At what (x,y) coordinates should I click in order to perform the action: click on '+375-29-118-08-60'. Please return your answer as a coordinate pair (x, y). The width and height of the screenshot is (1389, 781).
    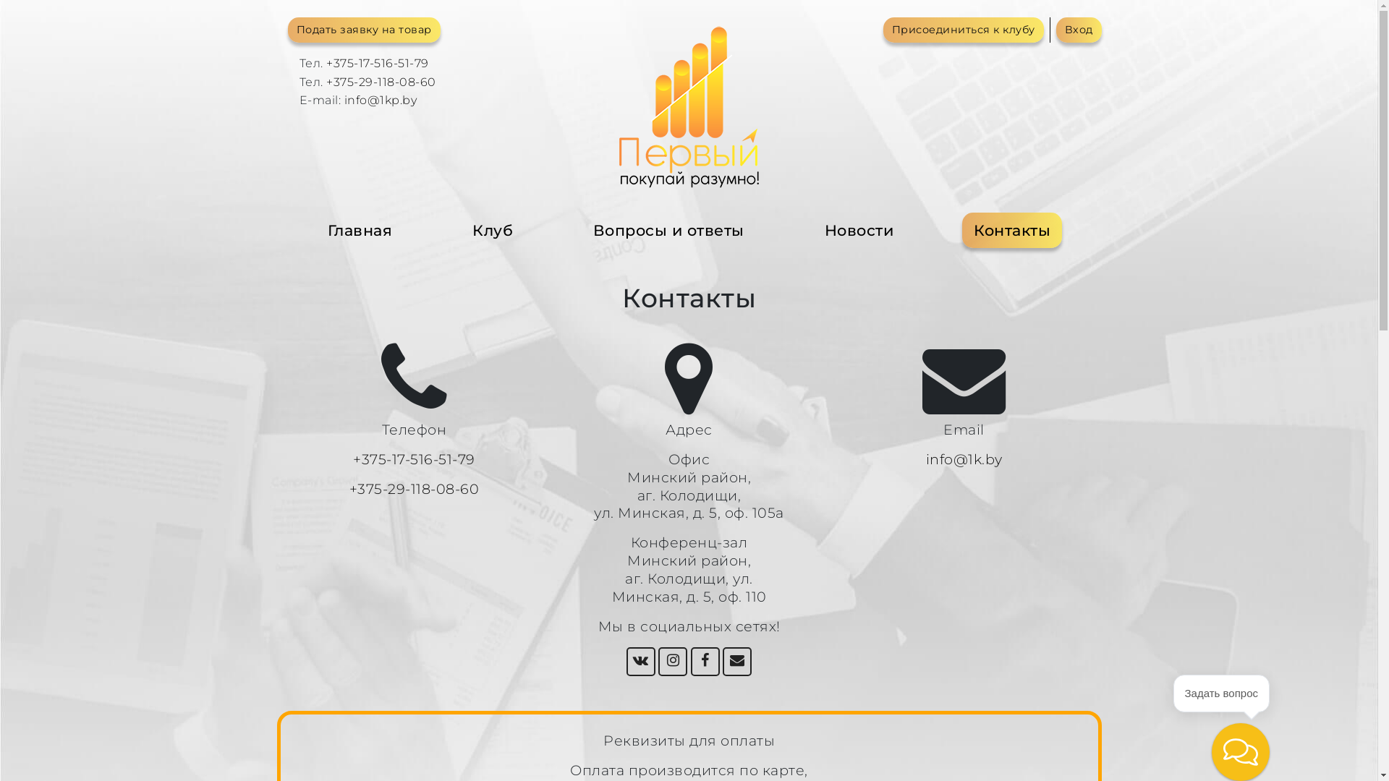
    Looking at the image, I should click on (413, 488).